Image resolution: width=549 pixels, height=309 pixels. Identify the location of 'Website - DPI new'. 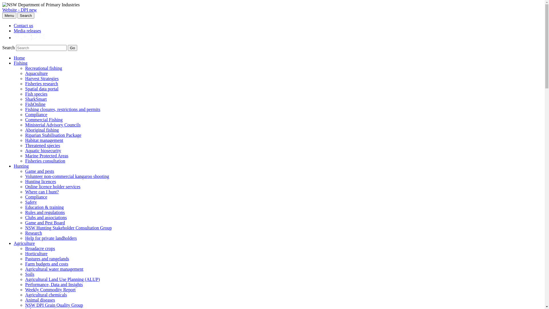
(19, 10).